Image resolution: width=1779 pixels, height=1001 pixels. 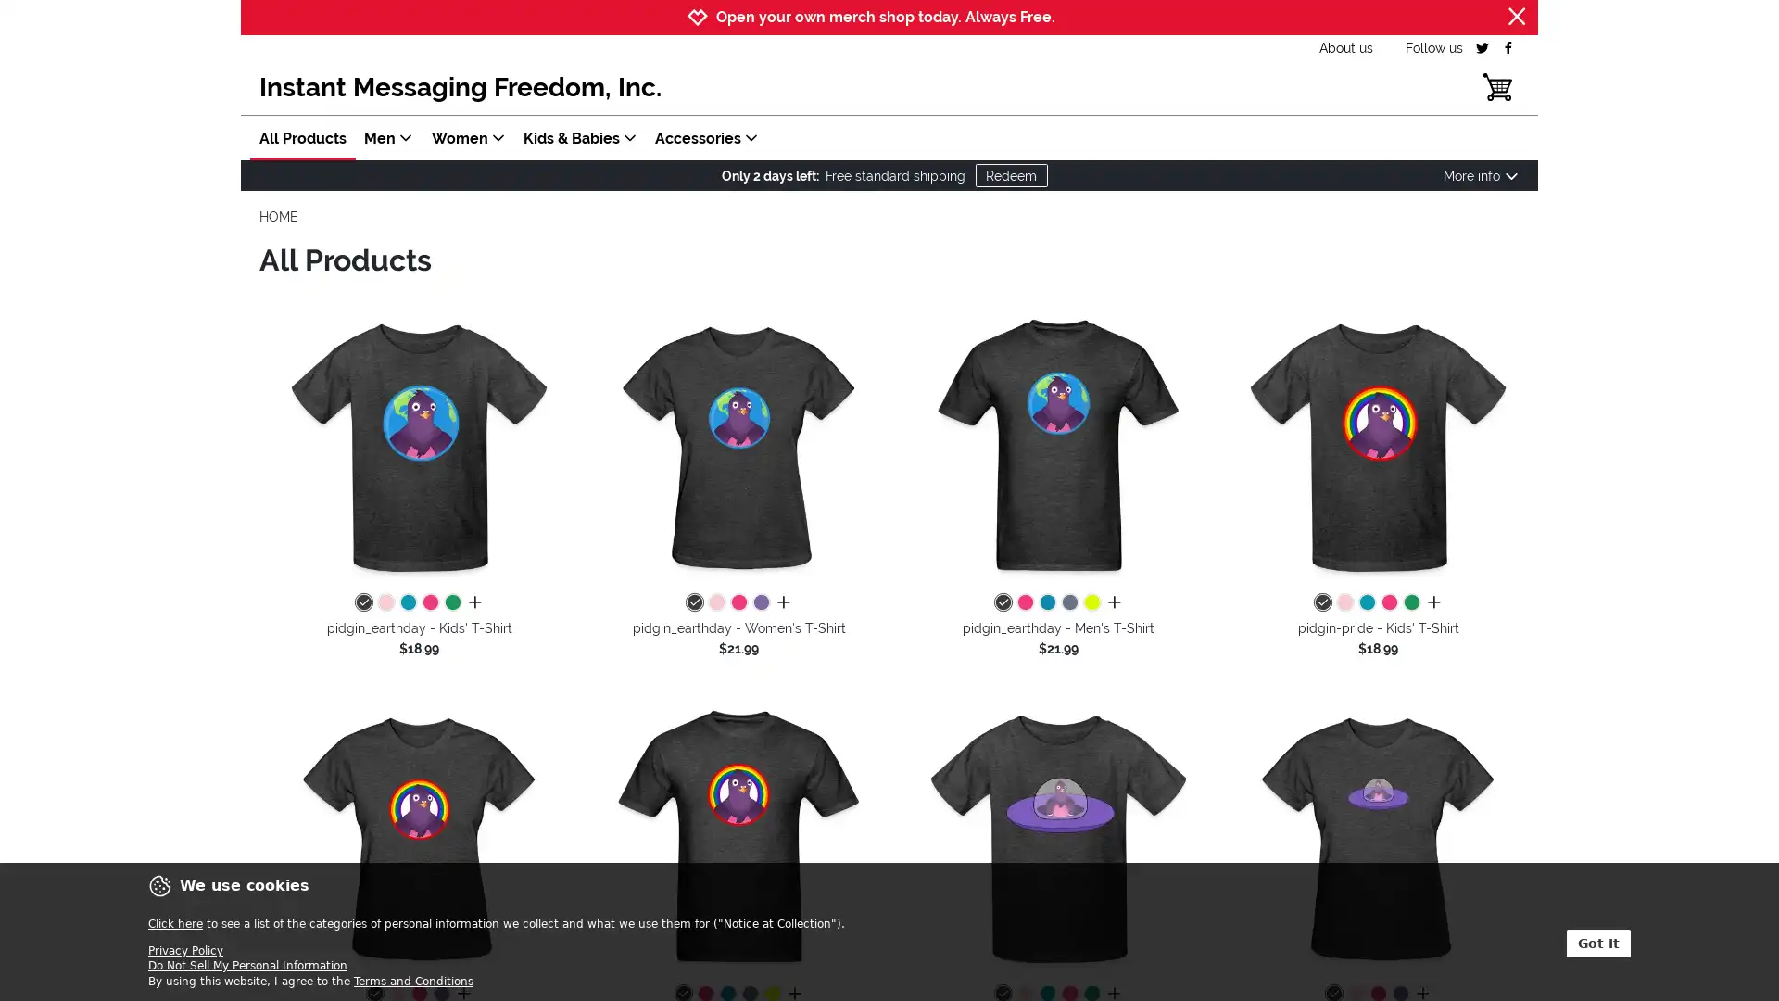 I want to click on Pidgin UFO - Kids' T-Shirt, so click(x=1058, y=838).